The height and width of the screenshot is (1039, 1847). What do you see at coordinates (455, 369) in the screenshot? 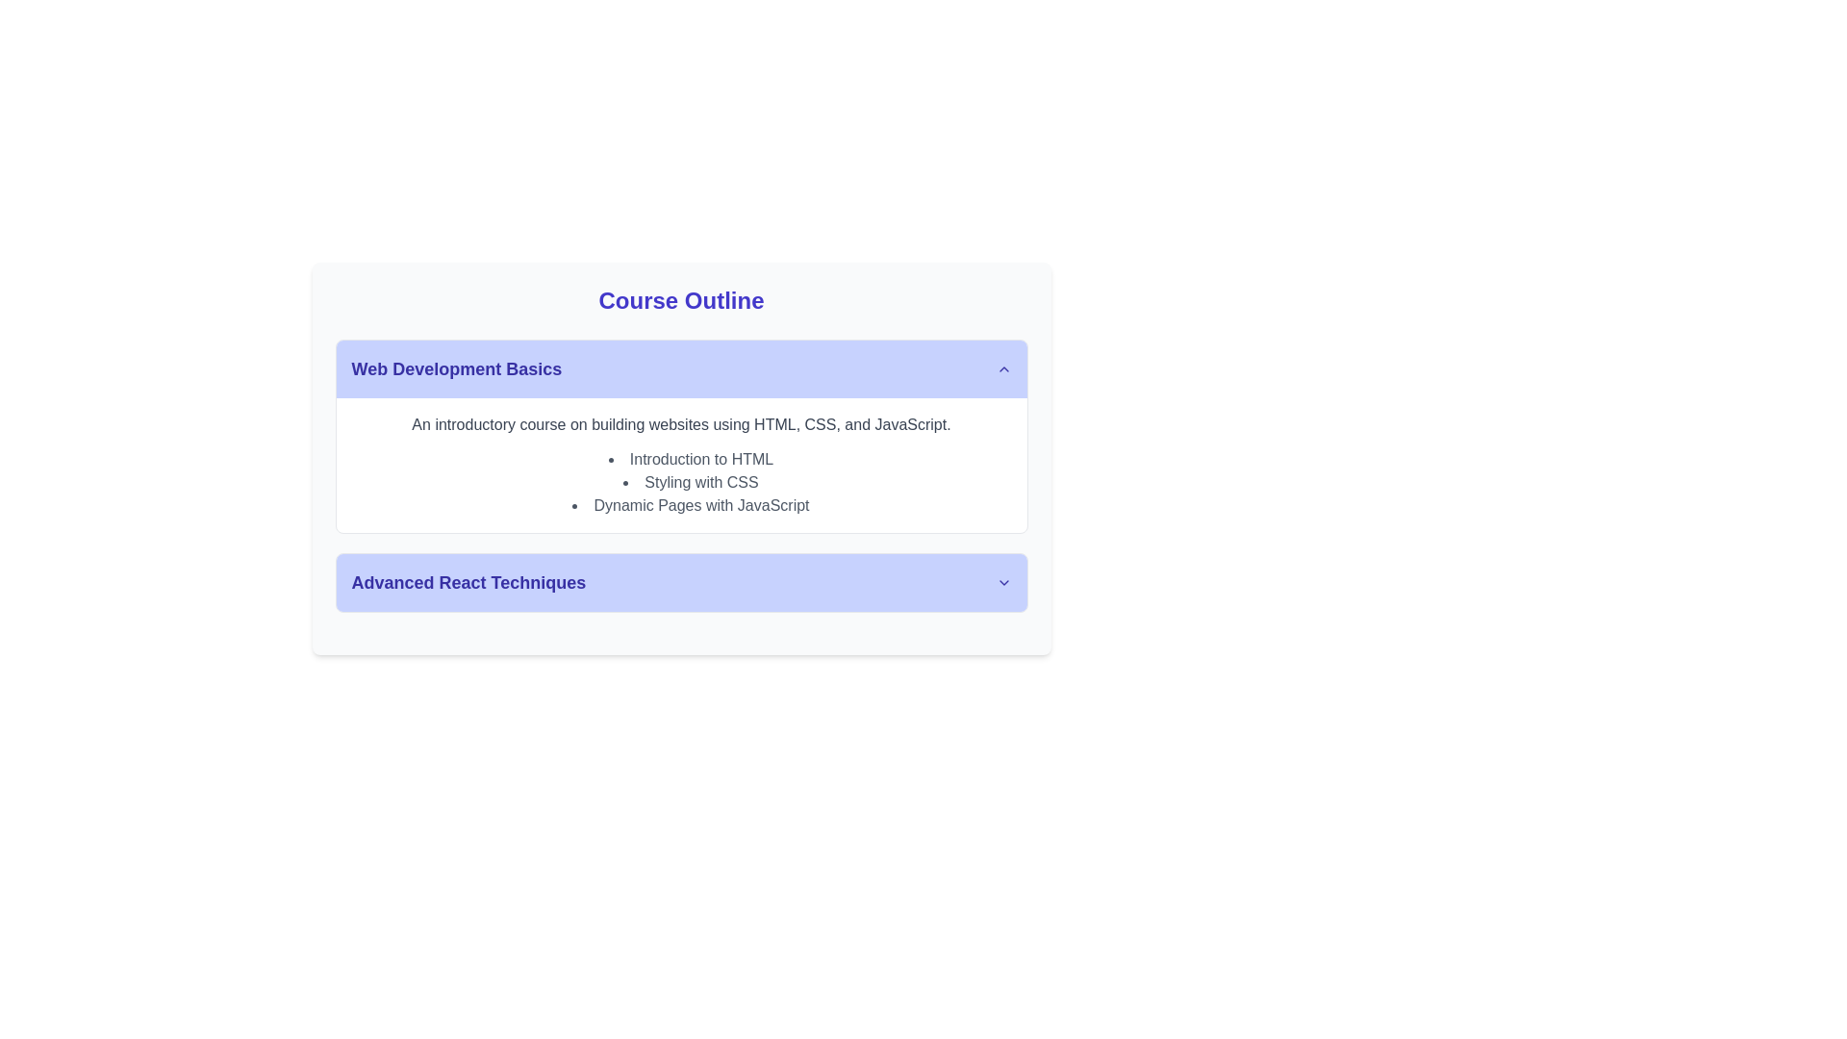
I see `the left-aligned text label displaying 'Web Development Basics' in the header section of the 'Course Outline' interface` at bounding box center [455, 369].